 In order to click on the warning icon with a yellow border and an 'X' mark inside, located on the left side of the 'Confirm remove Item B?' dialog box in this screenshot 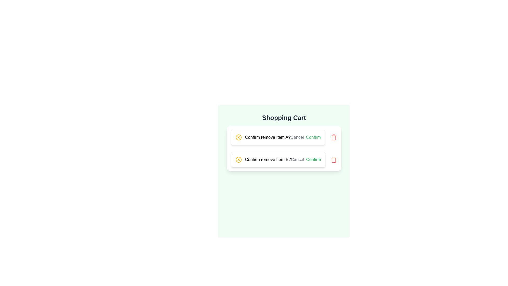, I will do `click(238, 159)`.